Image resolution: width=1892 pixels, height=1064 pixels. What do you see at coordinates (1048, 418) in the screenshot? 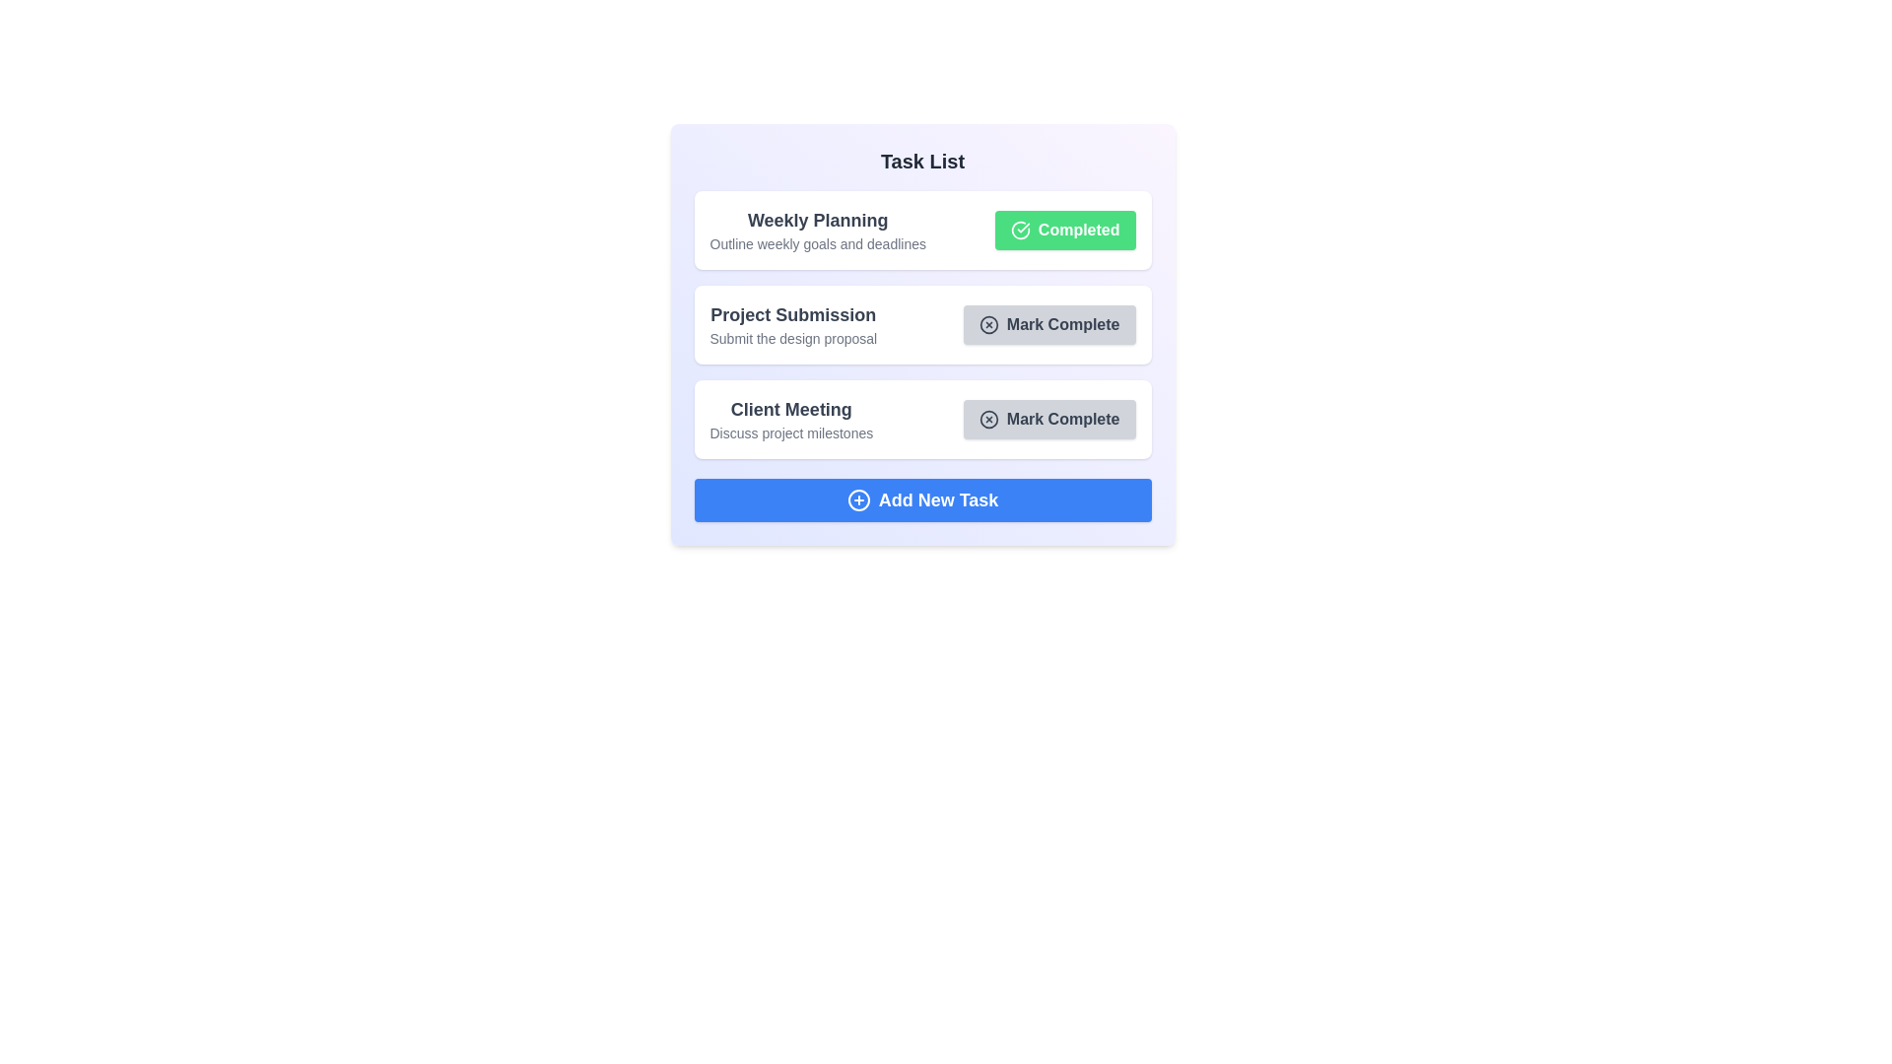
I see `'Mark Complete' button for the third task` at bounding box center [1048, 418].